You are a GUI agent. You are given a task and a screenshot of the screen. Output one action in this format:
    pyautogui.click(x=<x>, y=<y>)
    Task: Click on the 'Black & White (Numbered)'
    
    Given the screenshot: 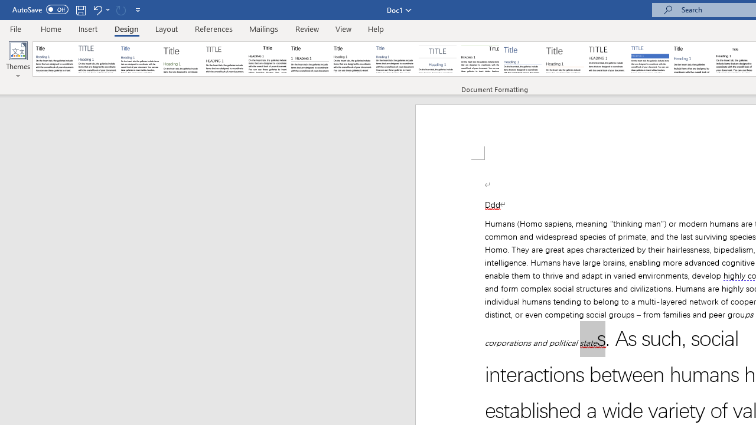 What is the action you would take?
    pyautogui.click(x=309, y=59)
    